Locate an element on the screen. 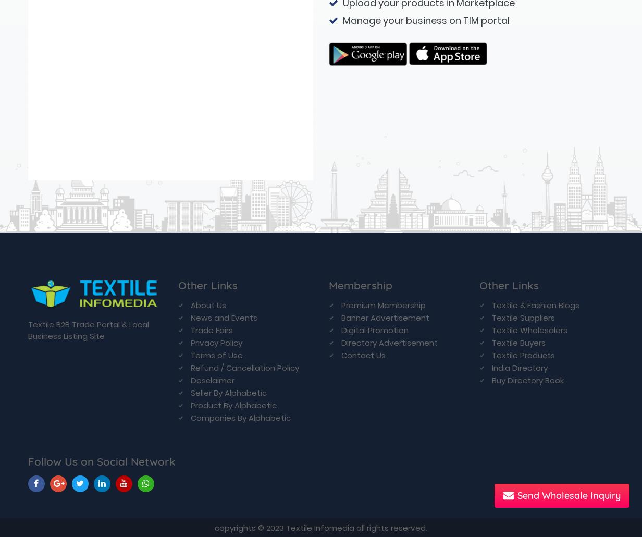 The width and height of the screenshot is (642, 537). 'Seller By Alphabetic' is located at coordinates (228, 67).